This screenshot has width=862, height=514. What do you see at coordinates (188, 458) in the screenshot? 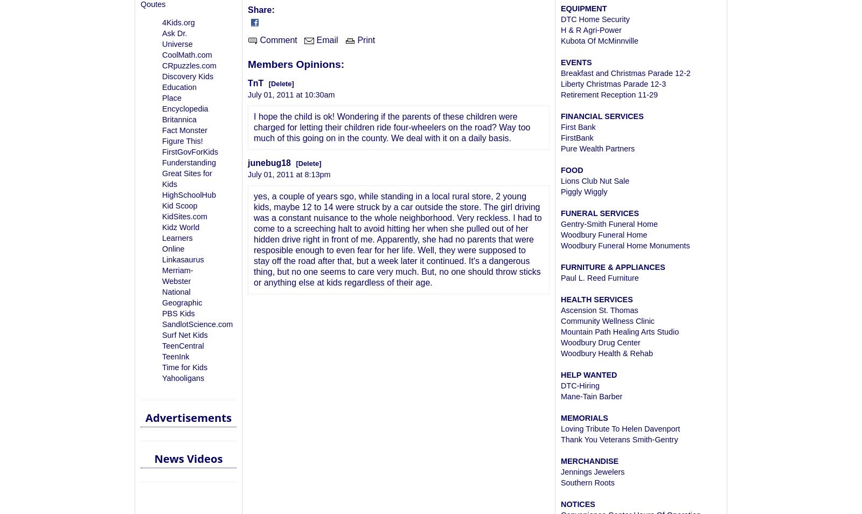
I see `'News Videos'` at bounding box center [188, 458].